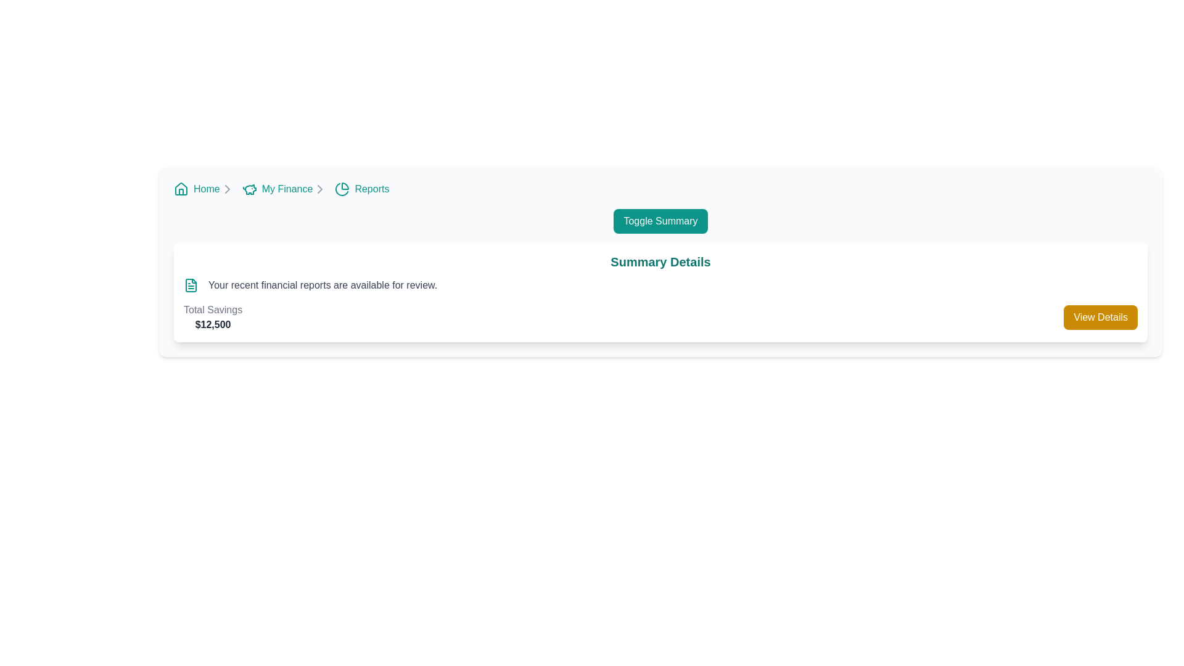  I want to click on the 'Home' text label, which is styled in teal and is part of a breadcrumb navigation component, so click(207, 189).